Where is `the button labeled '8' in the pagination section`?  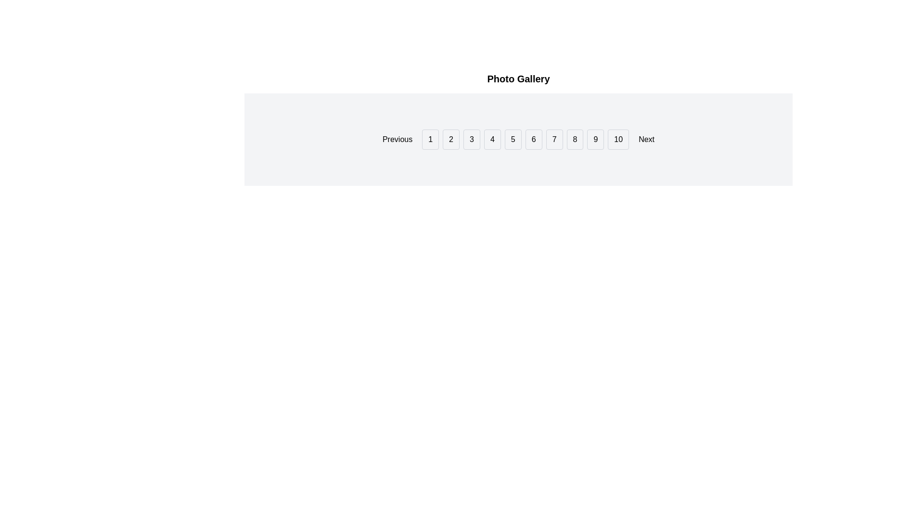 the button labeled '8' in the pagination section is located at coordinates (575, 139).